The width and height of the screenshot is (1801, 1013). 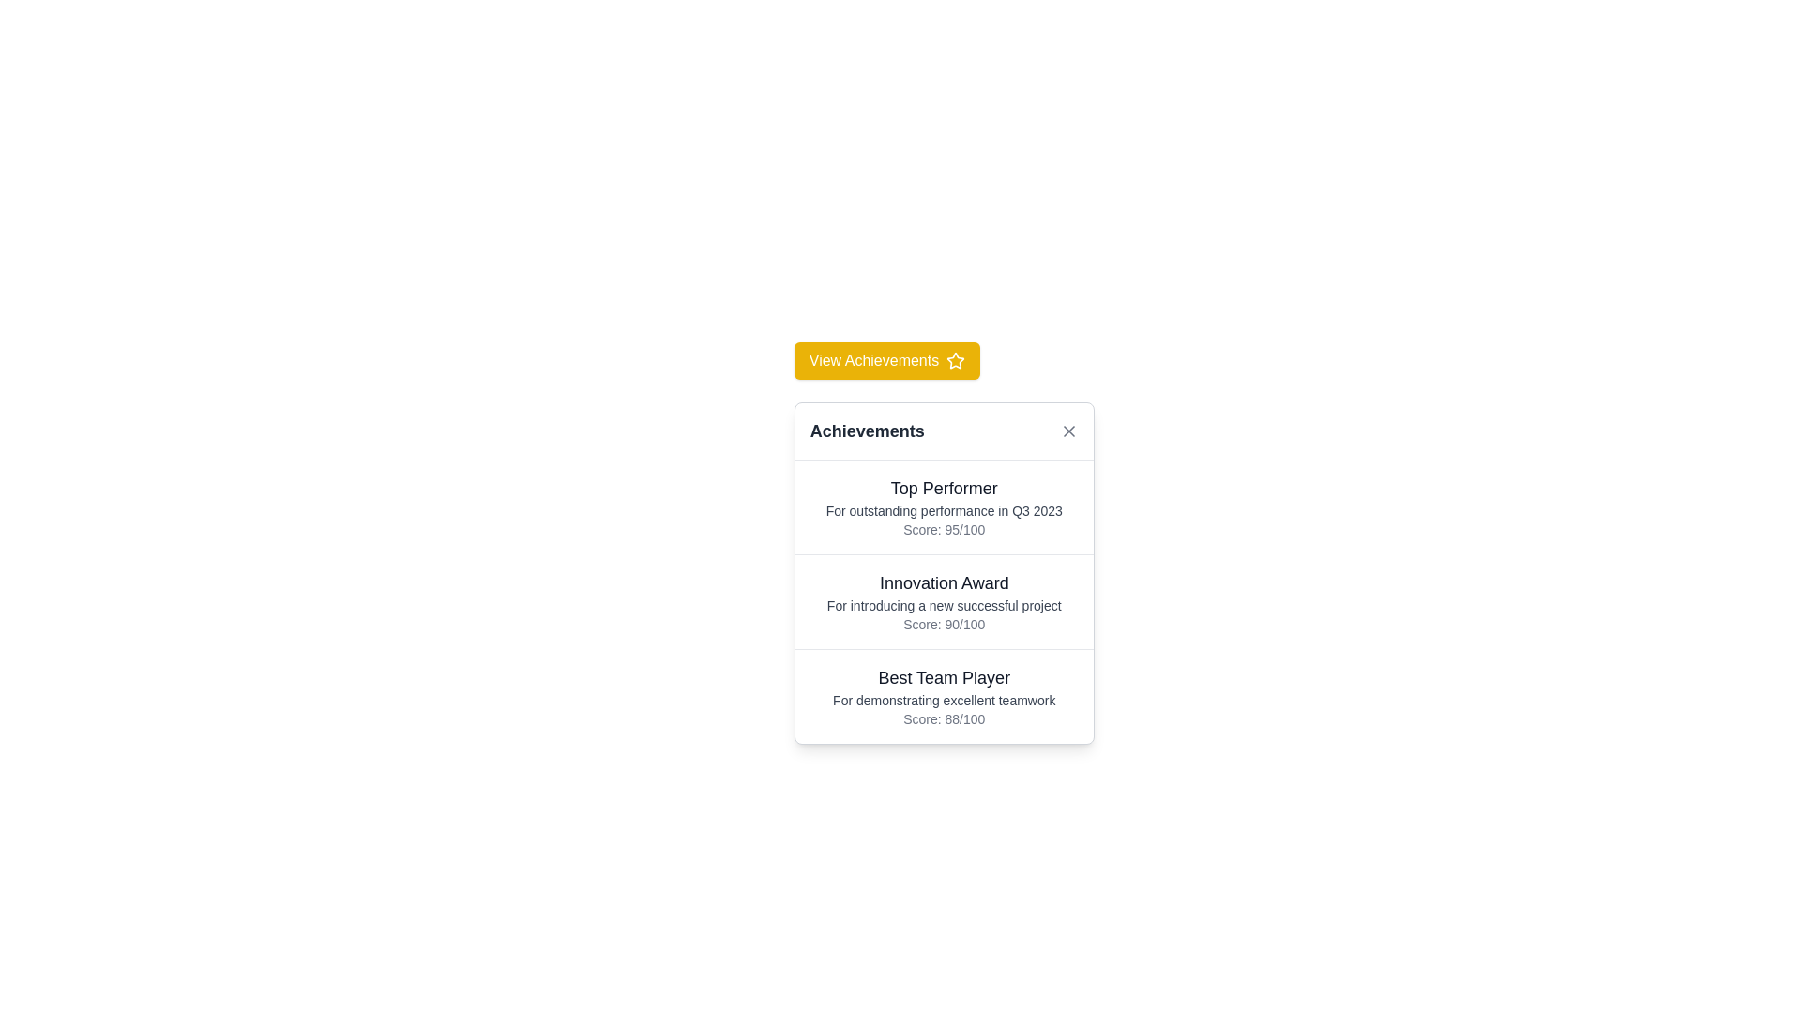 What do you see at coordinates (944, 696) in the screenshot?
I see `the text component displaying 'Best Team Player' with a score of '88/100', located in the 'Achievements' section` at bounding box center [944, 696].